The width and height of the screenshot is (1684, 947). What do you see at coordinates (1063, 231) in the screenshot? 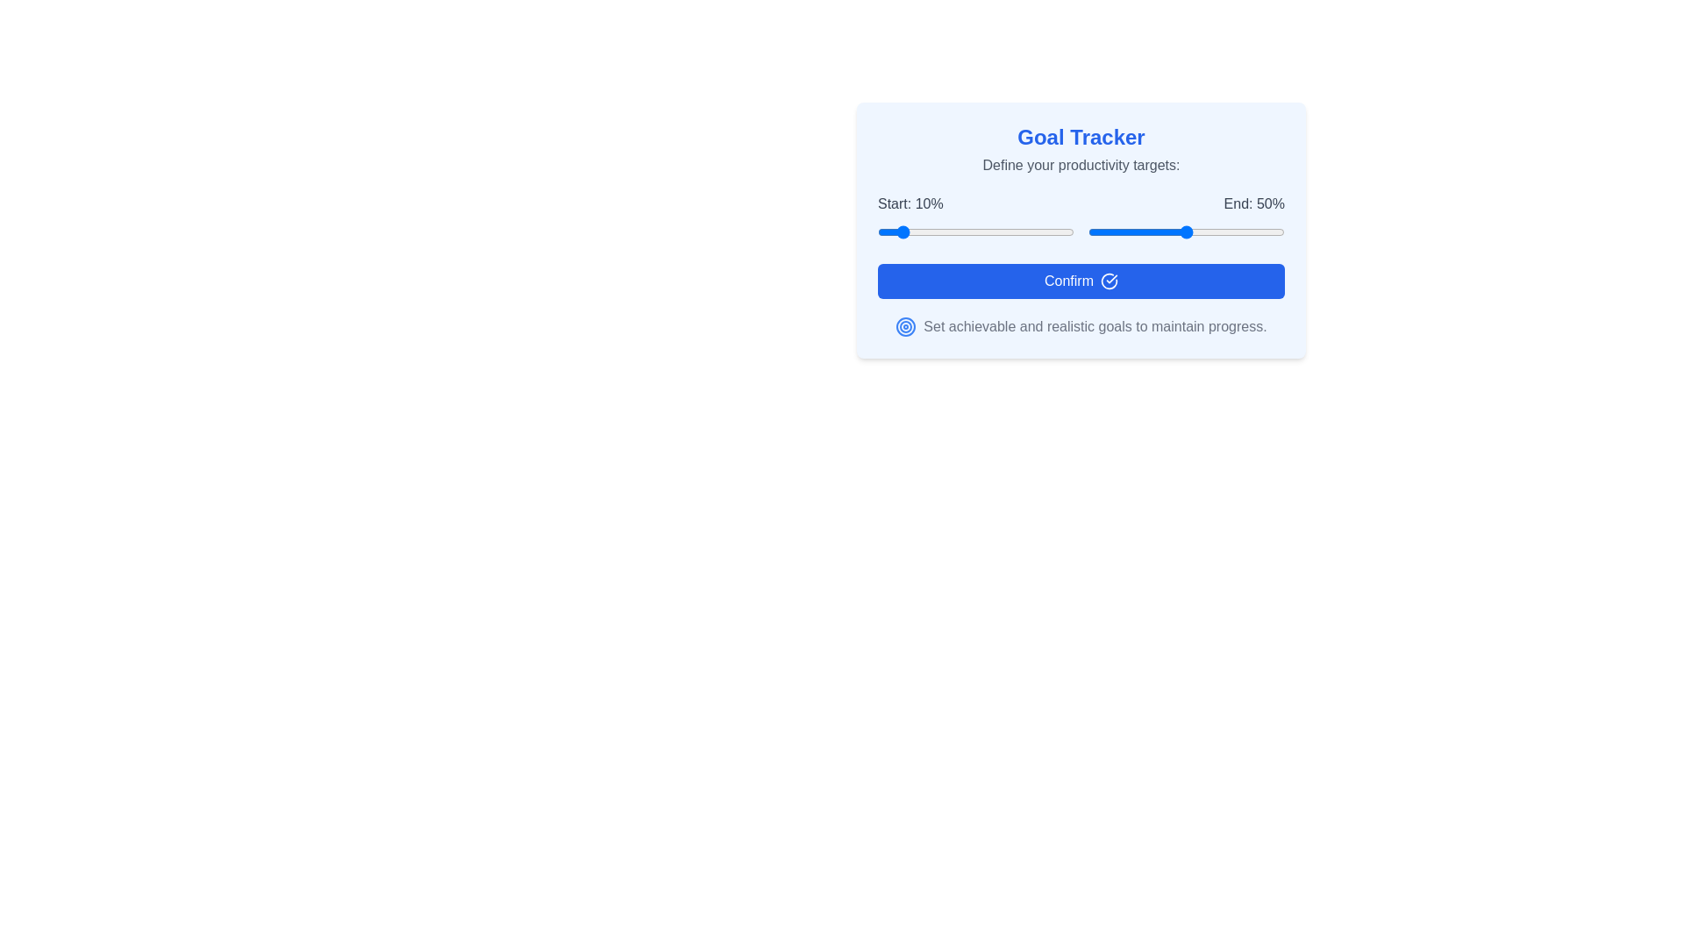
I see `the slider value` at bounding box center [1063, 231].